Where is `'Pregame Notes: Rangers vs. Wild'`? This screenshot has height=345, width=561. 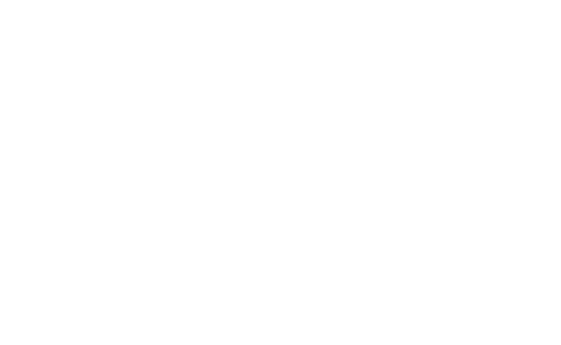
'Pregame Notes: Rangers vs. Wild' is located at coordinates (127, 35).